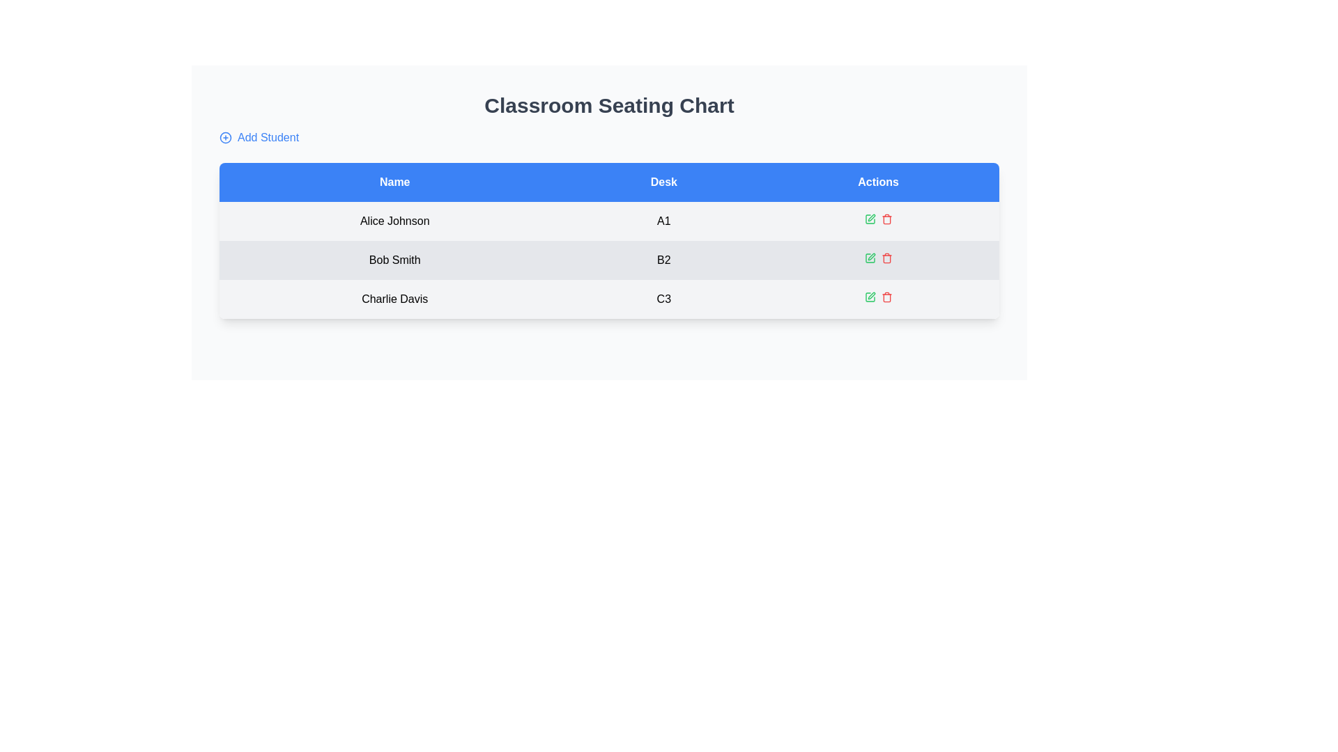  Describe the element at coordinates (394, 298) in the screenshot. I see `the text label displaying 'Charlie Davis' in the 'Name' column of the last row in the table, which has a light gray background` at that location.